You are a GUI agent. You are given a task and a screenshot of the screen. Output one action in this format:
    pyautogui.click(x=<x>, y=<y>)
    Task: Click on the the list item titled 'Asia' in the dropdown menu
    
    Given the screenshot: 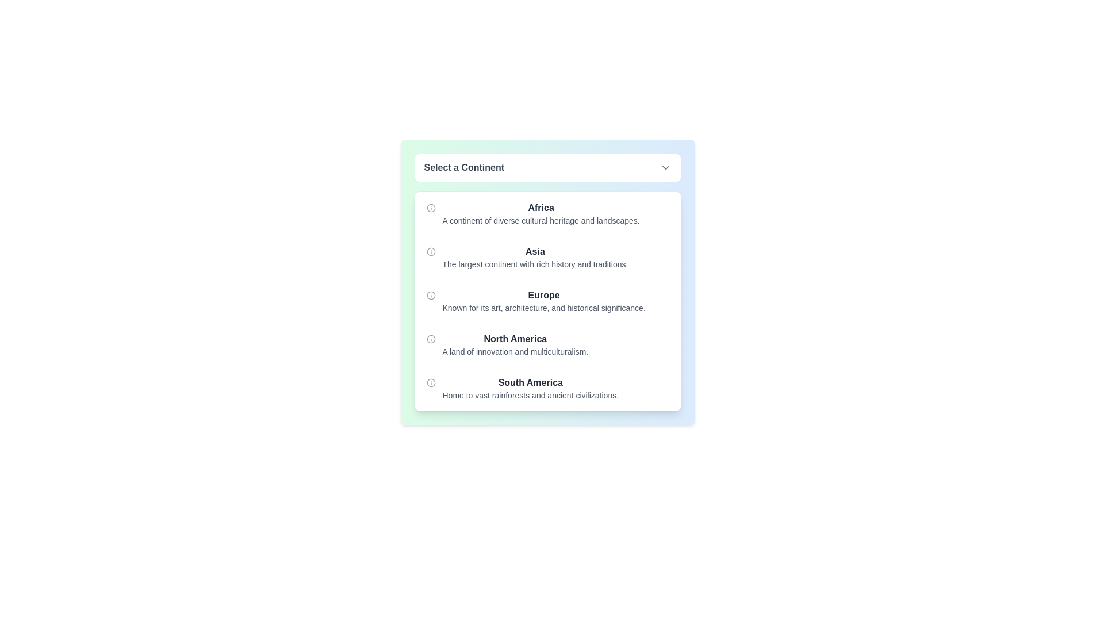 What is the action you would take?
    pyautogui.click(x=535, y=256)
    